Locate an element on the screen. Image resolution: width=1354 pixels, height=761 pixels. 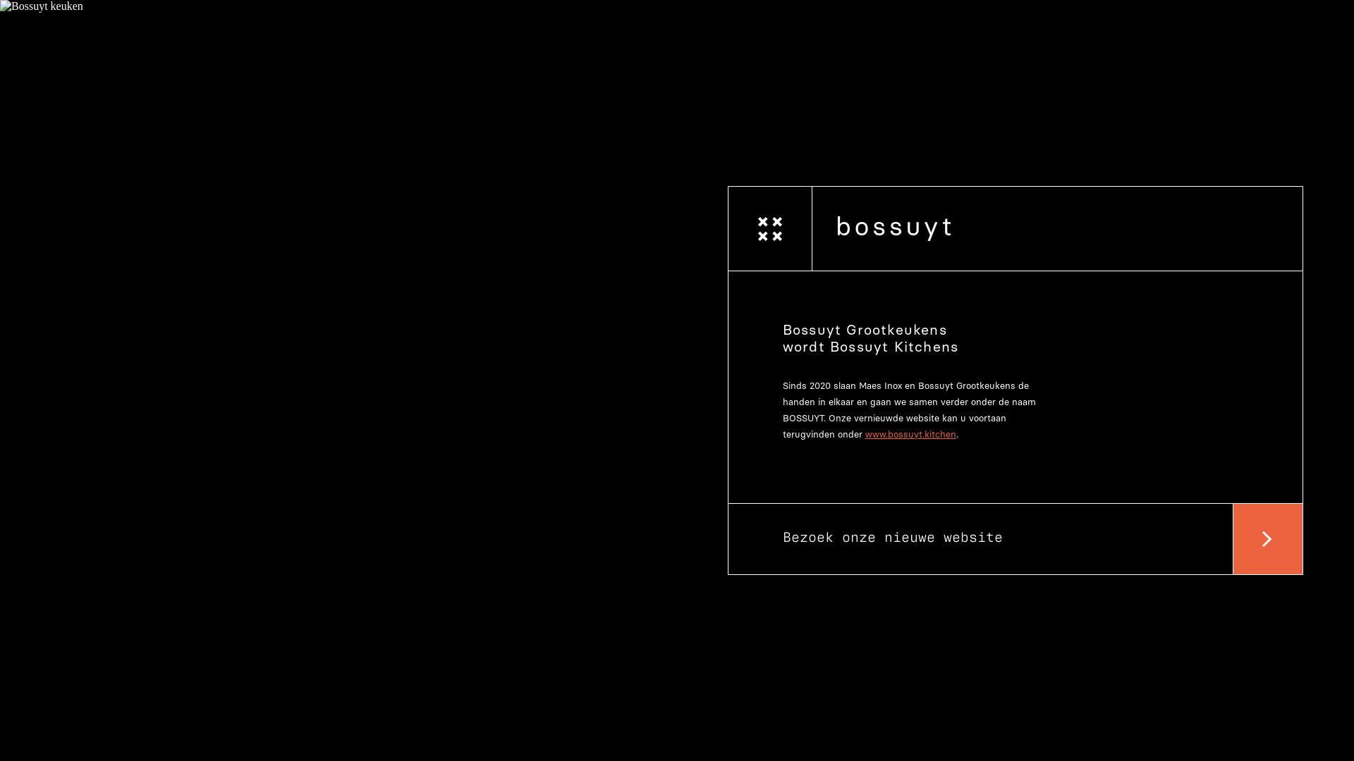
'www.bossuyt.kitchen' is located at coordinates (910, 433).